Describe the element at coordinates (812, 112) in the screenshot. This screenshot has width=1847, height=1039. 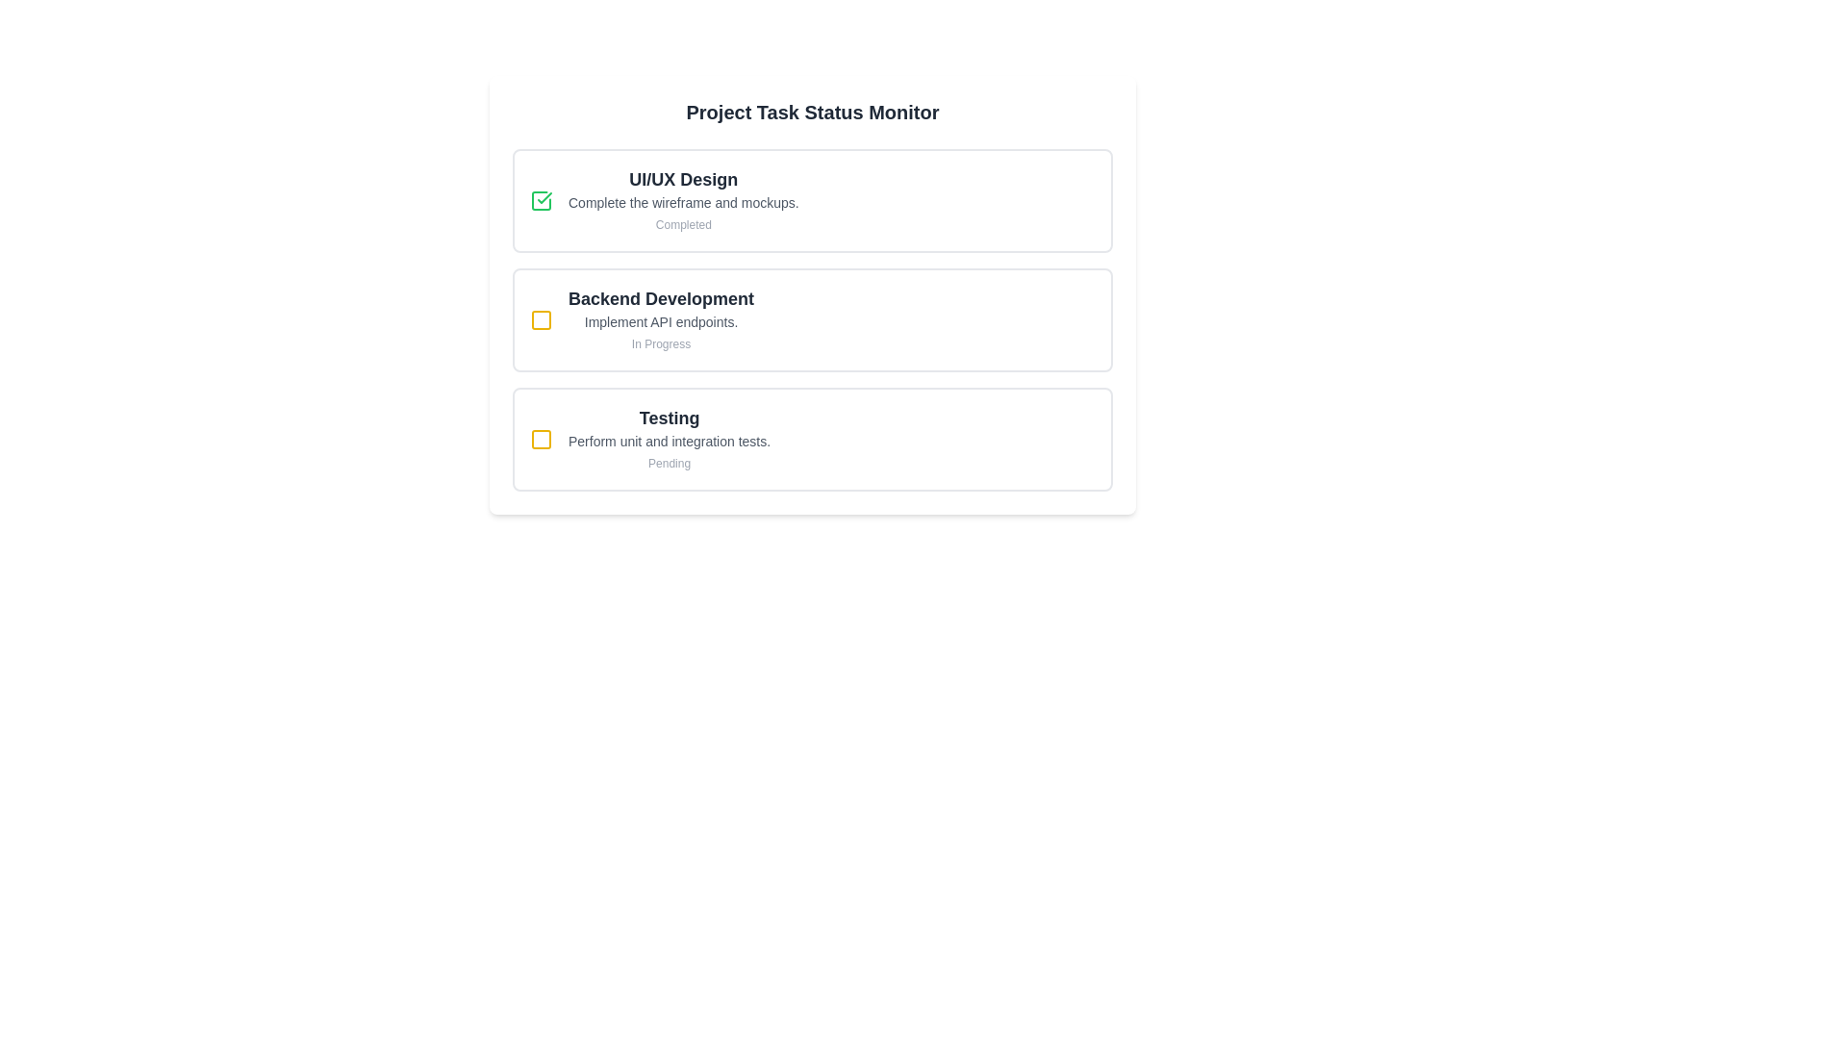
I see `text from the bold text label 'Project Task Status Monitor', which is prominently displayed at the top of a card or panel` at that location.